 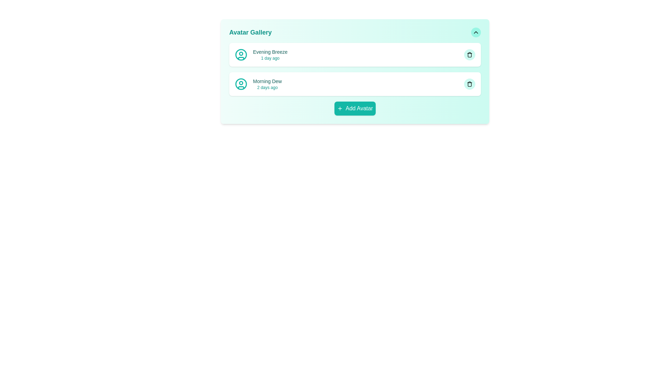 I want to click on the 'Add Avatar' button with a teal background and rounded corners, located below the list items 'Evening Breeze' and 'Morning Dew', so click(x=355, y=109).